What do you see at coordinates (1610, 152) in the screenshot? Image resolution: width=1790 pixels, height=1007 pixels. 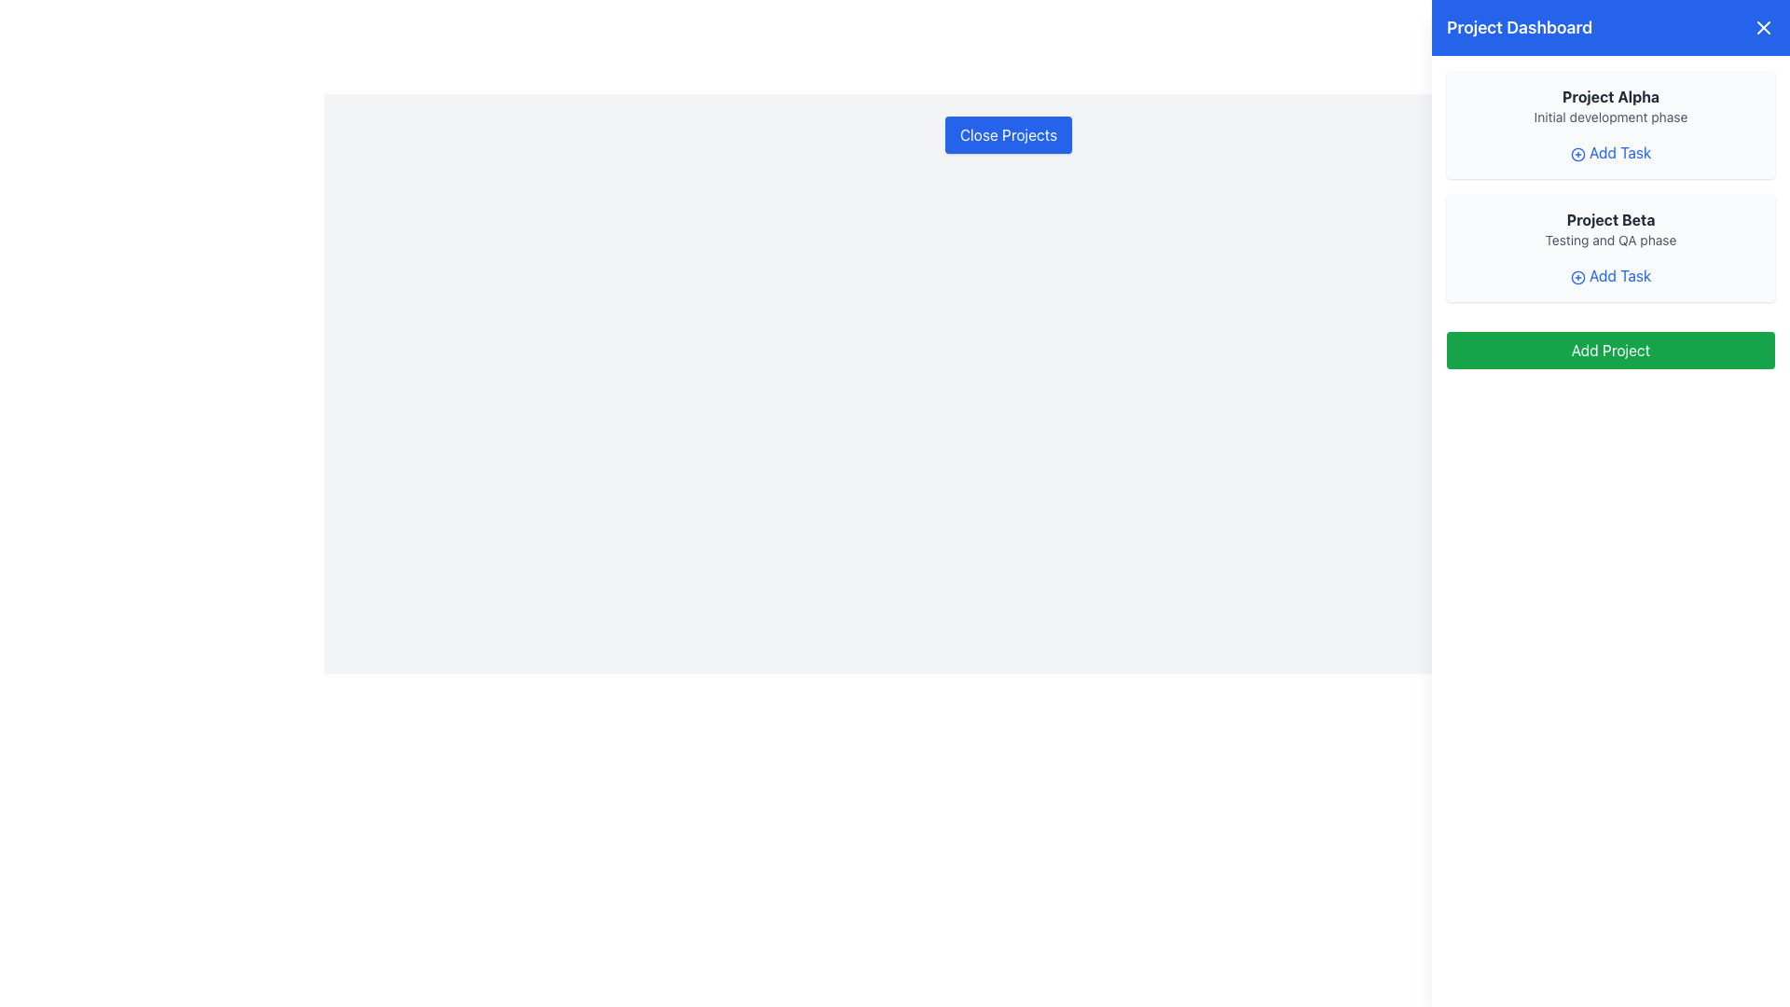 I see `the blue-colored text link labeled 'Add Task' located in the 'Project Alpha' section` at bounding box center [1610, 152].